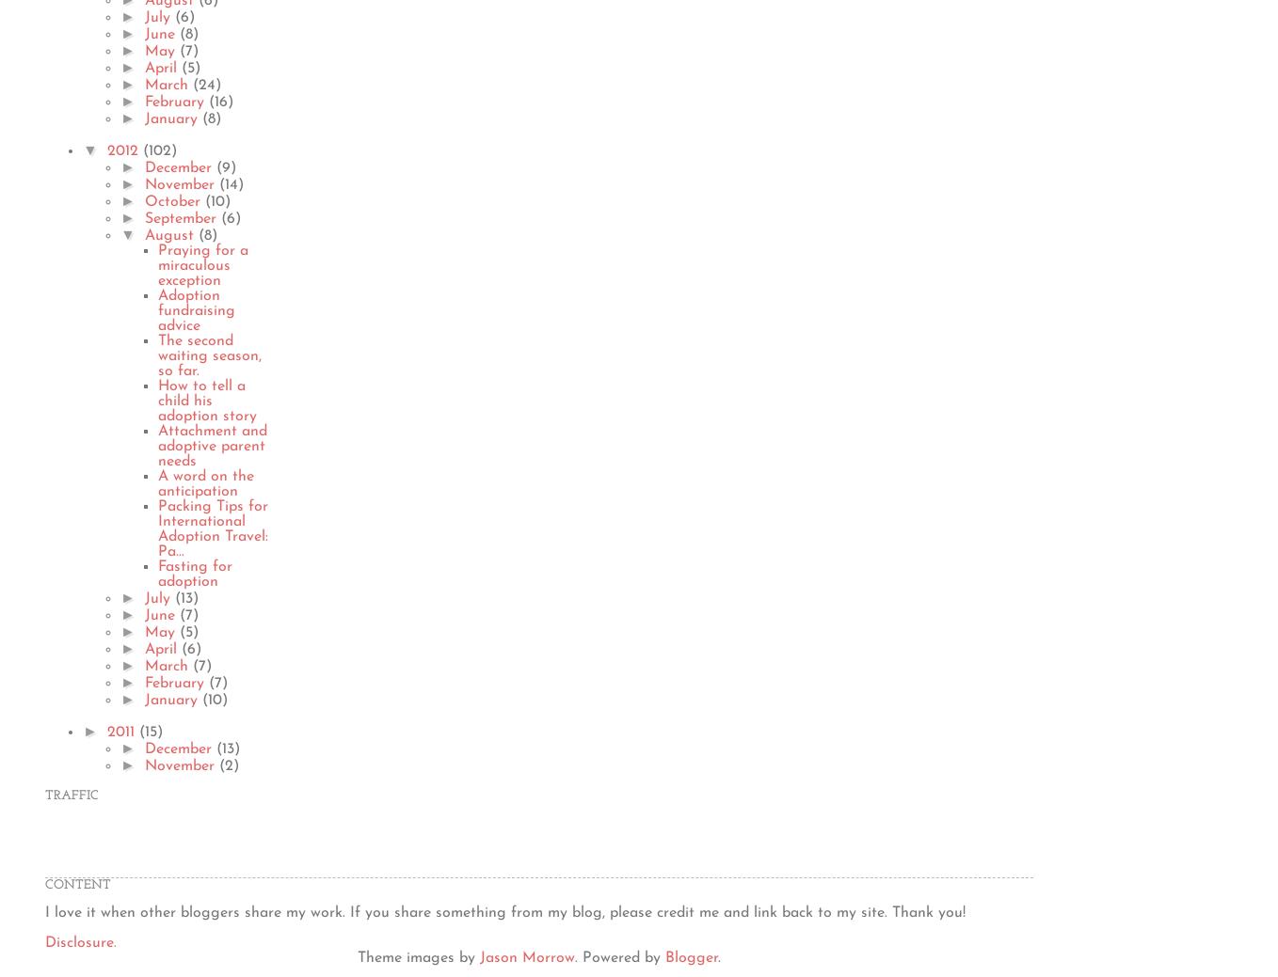 This screenshot has width=1278, height=977. What do you see at coordinates (479, 957) in the screenshot?
I see `'Jason Morrow'` at bounding box center [479, 957].